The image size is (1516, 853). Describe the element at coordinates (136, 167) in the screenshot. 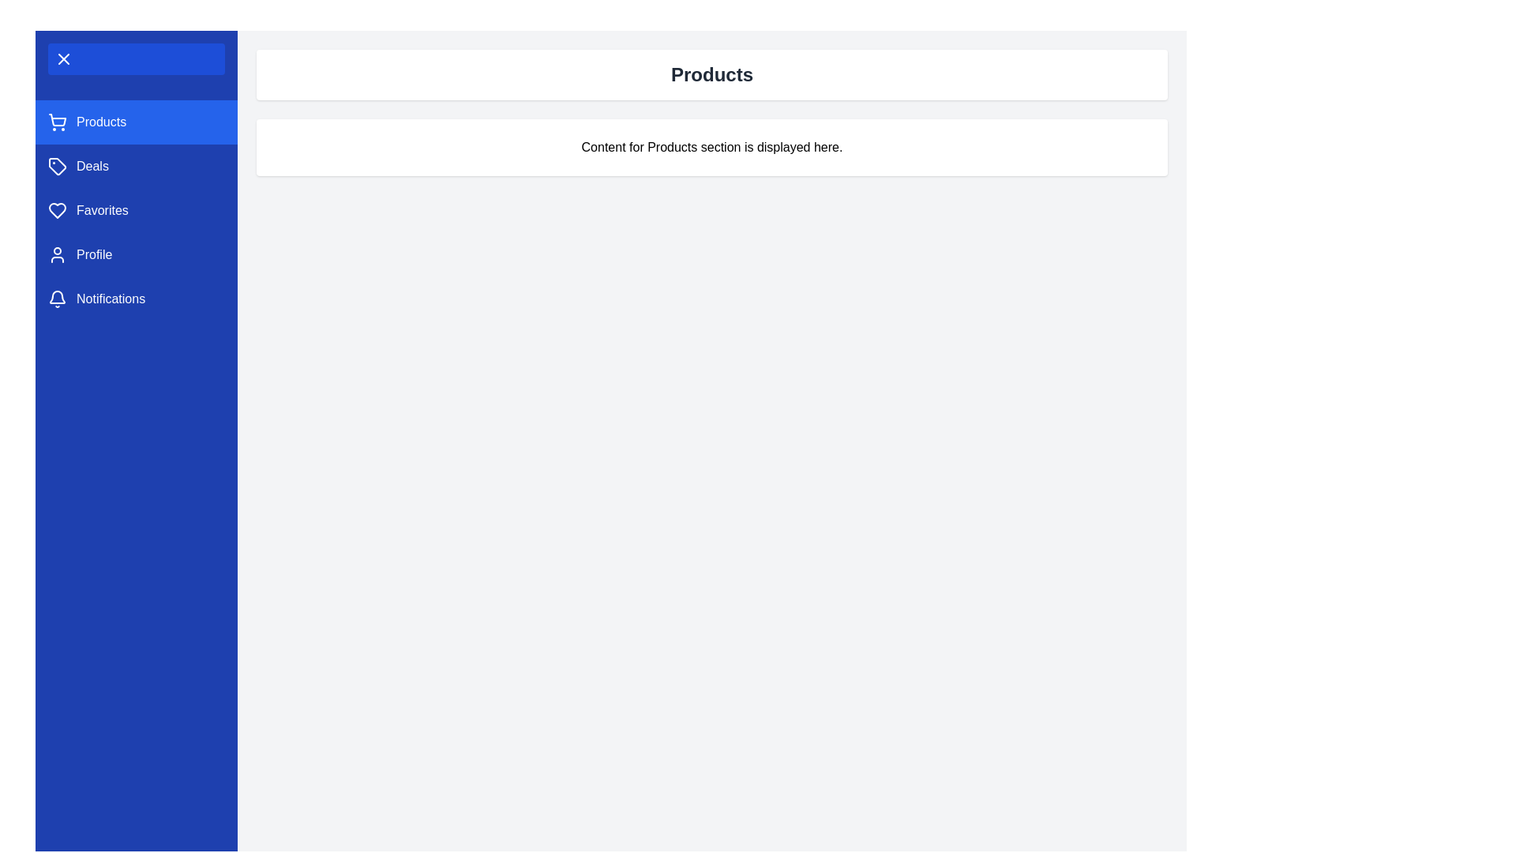

I see `the 'Deals' button, which is the second option in the vertical navigation menu on the left side of the interface` at that location.